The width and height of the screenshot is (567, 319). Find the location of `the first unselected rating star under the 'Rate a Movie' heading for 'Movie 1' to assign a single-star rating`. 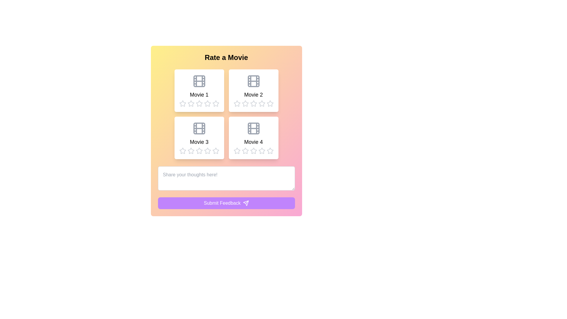

the first unselected rating star under the 'Rate a Movie' heading for 'Movie 1' to assign a single-star rating is located at coordinates (182, 103).